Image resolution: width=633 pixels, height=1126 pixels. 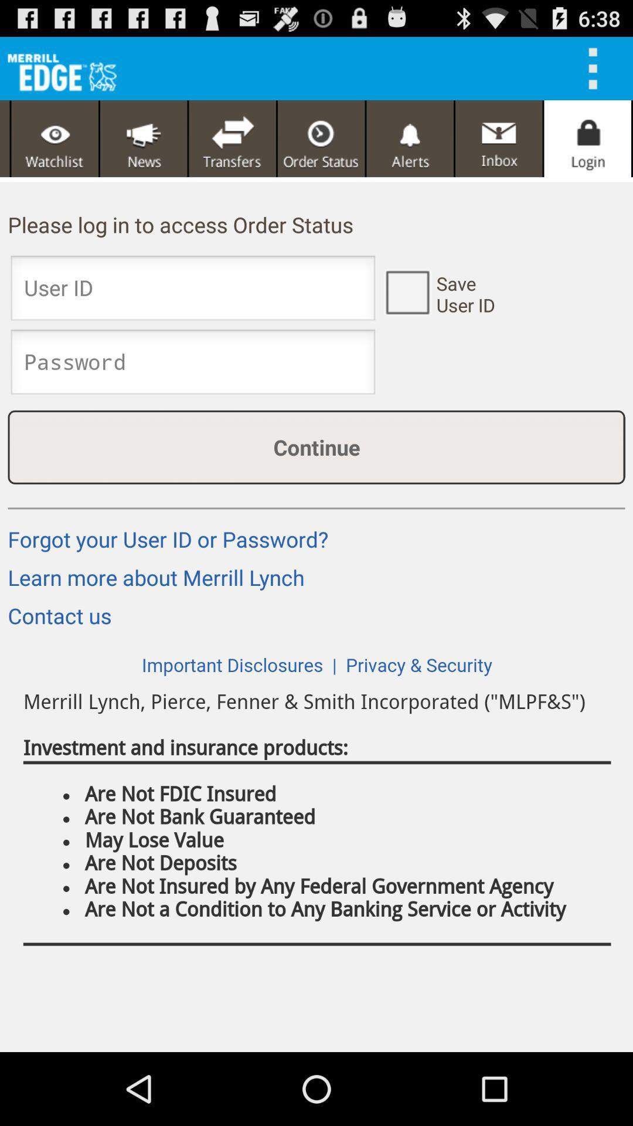 What do you see at coordinates (409, 148) in the screenshot?
I see `the notifications icon` at bounding box center [409, 148].